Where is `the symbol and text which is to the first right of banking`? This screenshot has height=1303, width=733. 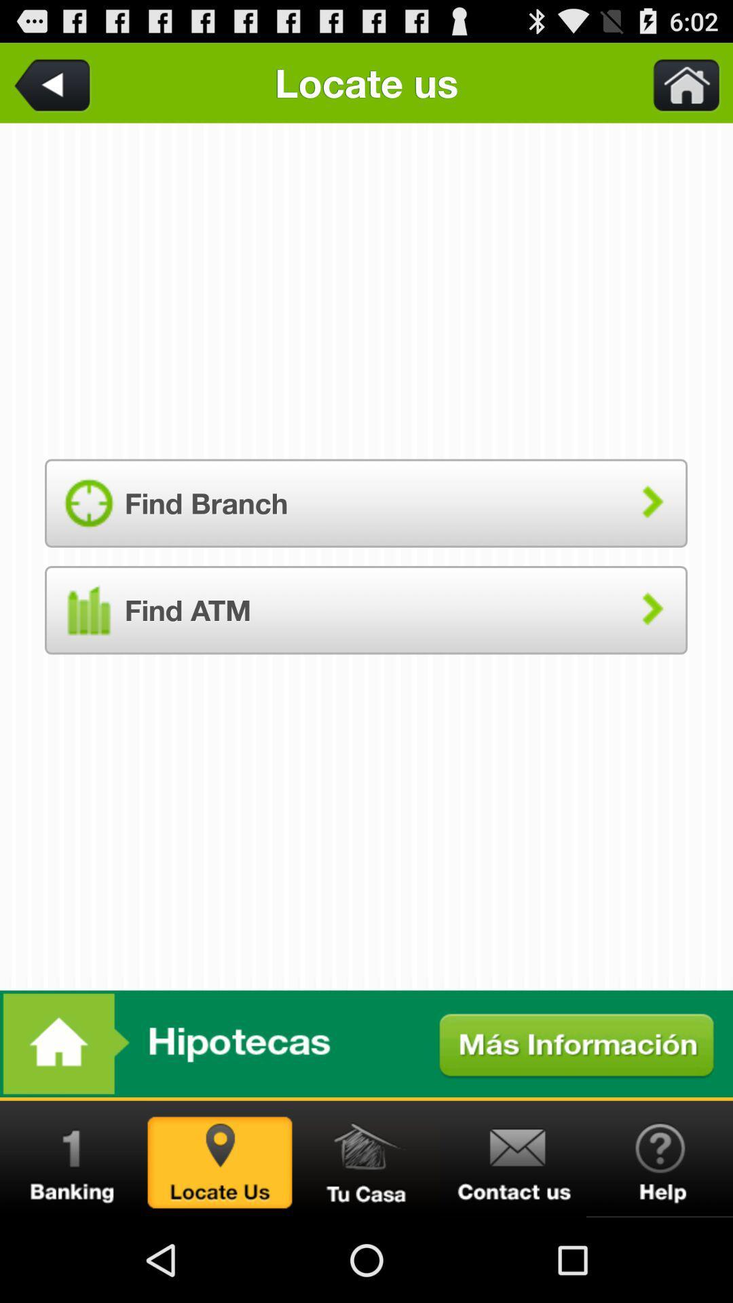
the symbol and text which is to the first right of banking is located at coordinates (219, 1158).